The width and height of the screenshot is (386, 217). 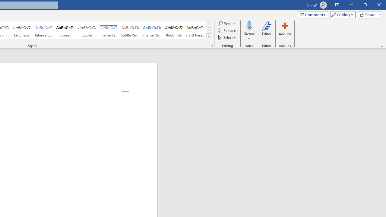 What do you see at coordinates (43, 30) in the screenshot?
I see `'Intense Emphasis'` at bounding box center [43, 30].